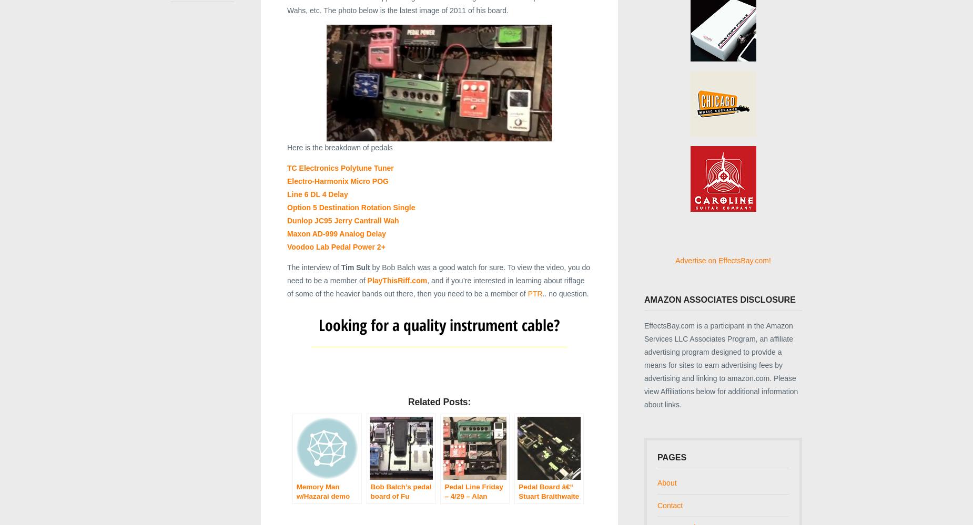  Describe the element at coordinates (336, 232) in the screenshot. I see `'Maxon AD-999 Analog Delay'` at that location.